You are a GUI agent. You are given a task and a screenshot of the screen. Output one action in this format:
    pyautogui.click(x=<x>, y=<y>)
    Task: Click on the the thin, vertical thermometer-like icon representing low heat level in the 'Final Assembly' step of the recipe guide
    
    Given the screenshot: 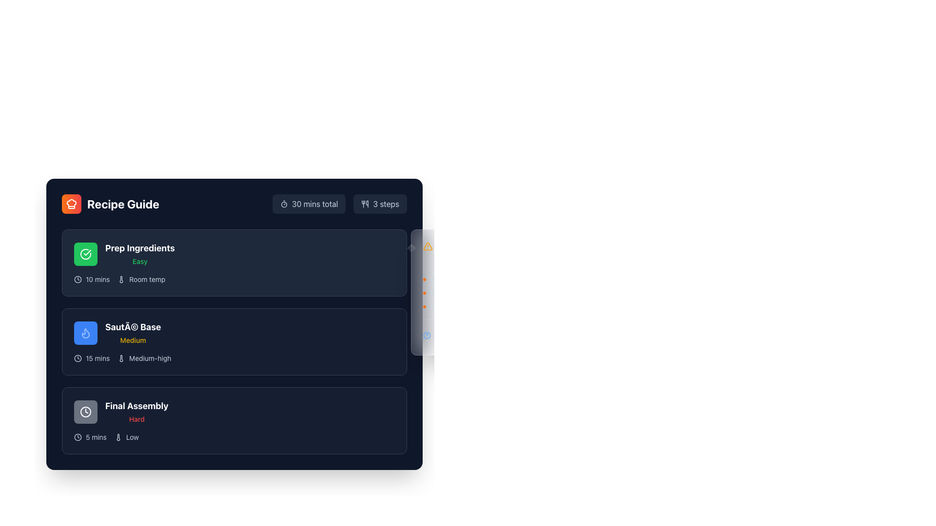 What is the action you would take?
    pyautogui.click(x=117, y=437)
    